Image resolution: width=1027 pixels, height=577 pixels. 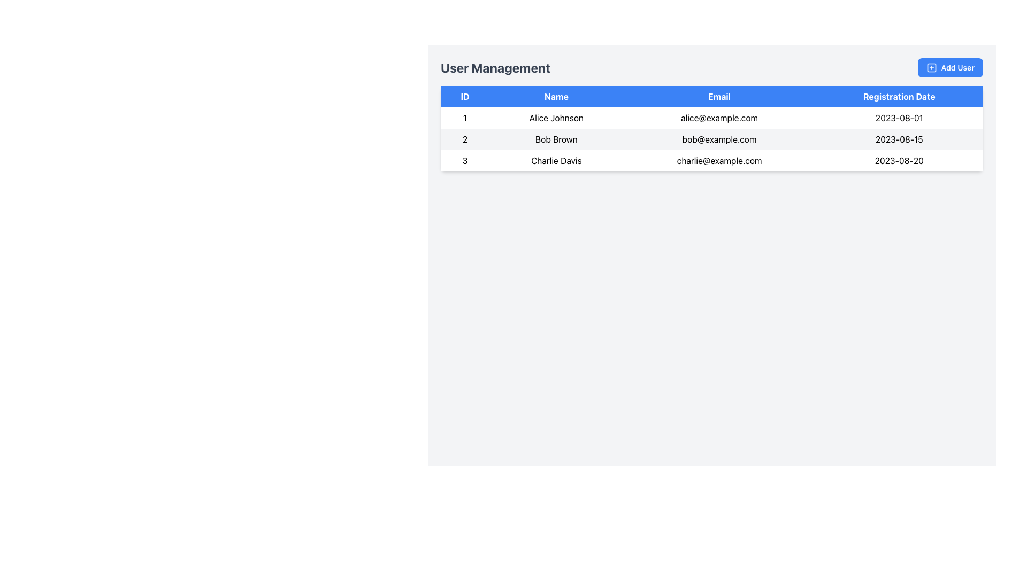 I want to click on the table header row that is colored blue with white text headers, specifically focusing on the 'Email' header, which is the third header from the left, so click(x=711, y=97).